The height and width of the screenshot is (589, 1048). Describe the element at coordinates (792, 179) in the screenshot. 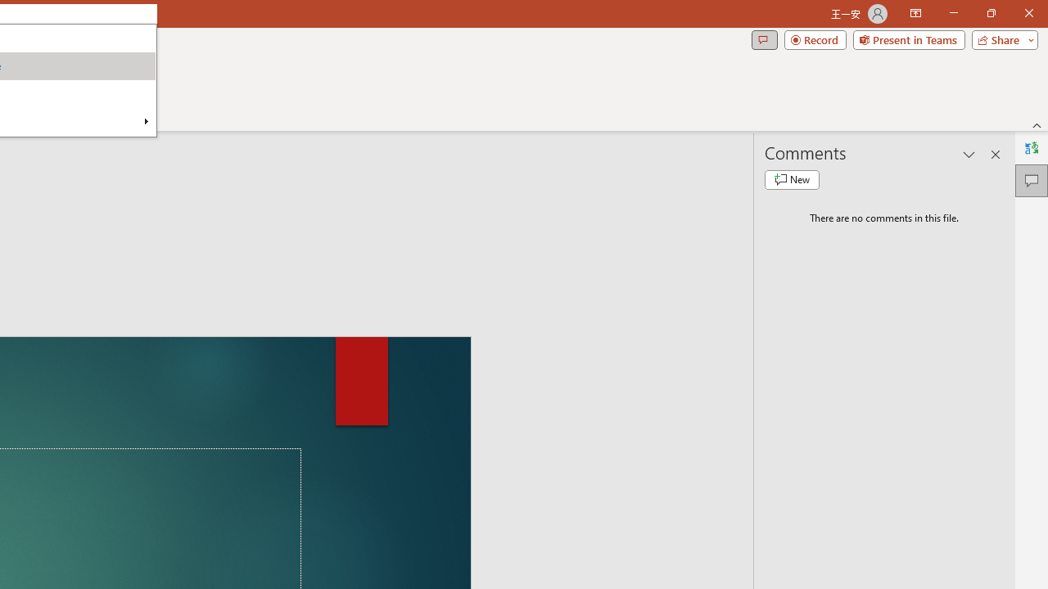

I see `'New comment'` at that location.